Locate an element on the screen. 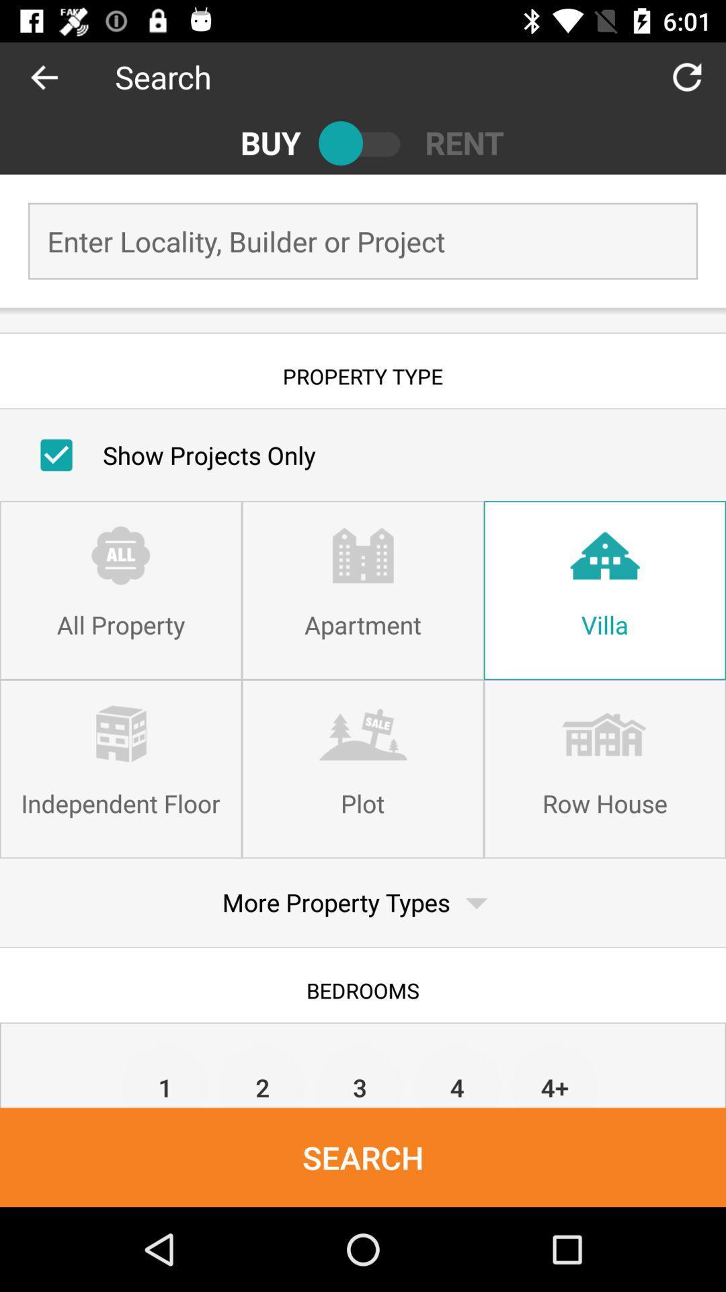 The height and width of the screenshot is (1292, 726). the icon next to the buy is located at coordinates (363, 143).